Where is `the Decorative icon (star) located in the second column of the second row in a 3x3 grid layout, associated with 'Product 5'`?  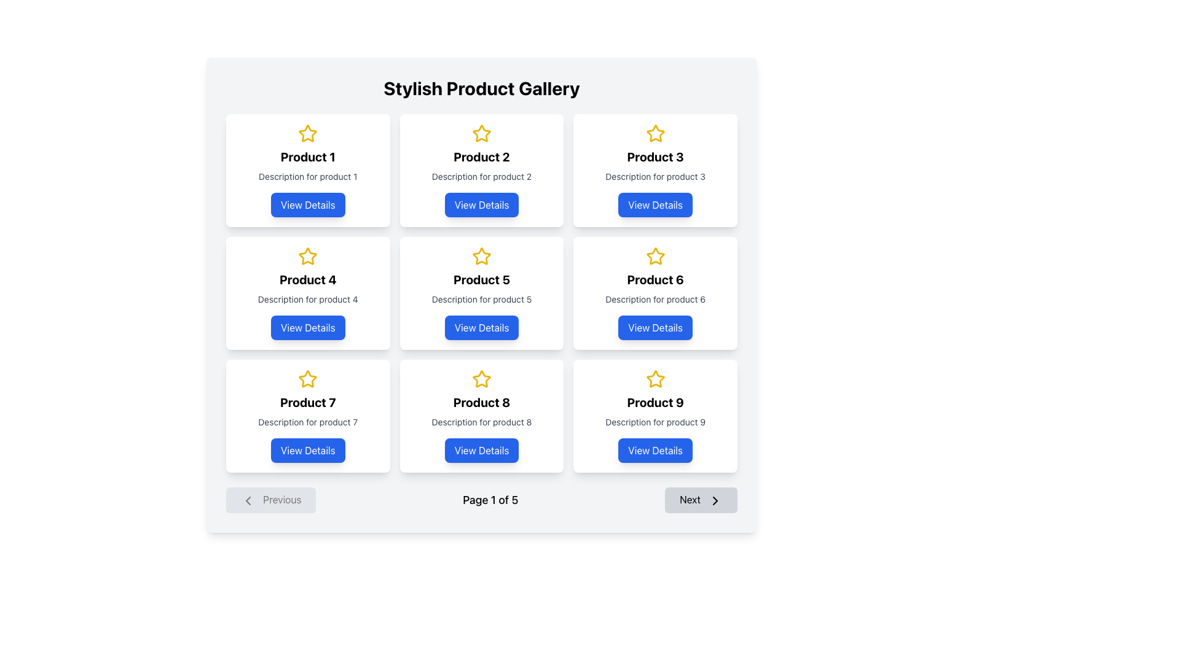 the Decorative icon (star) located in the second column of the second row in a 3x3 grid layout, associated with 'Product 5' is located at coordinates (481, 255).